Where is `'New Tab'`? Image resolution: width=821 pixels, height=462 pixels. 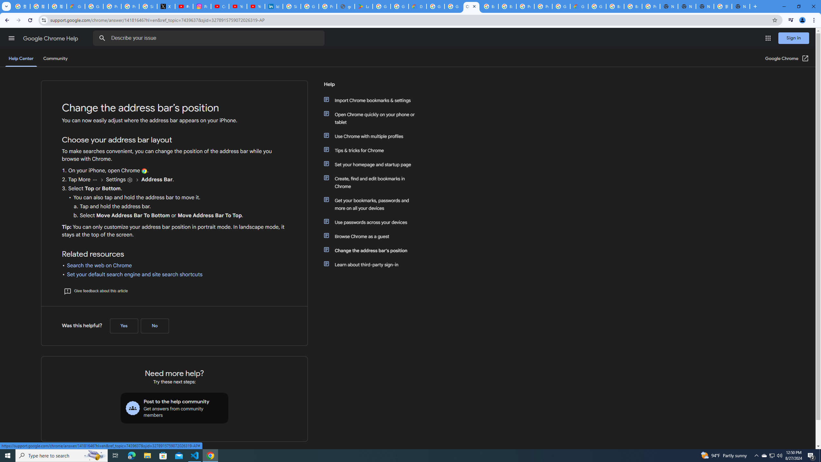 'New Tab' is located at coordinates (741, 6).